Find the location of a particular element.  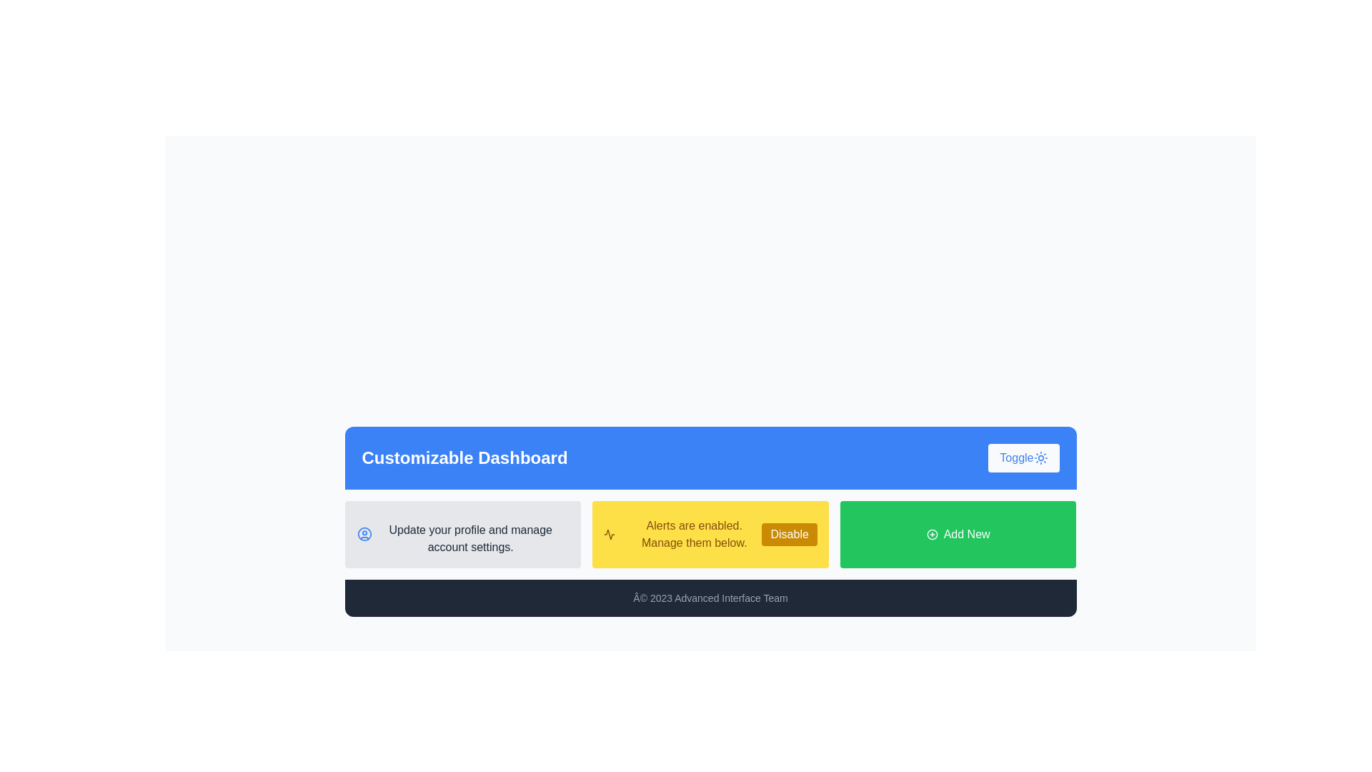

the 'Toggle' button with a light gray background and sun icon is located at coordinates (1023, 457).